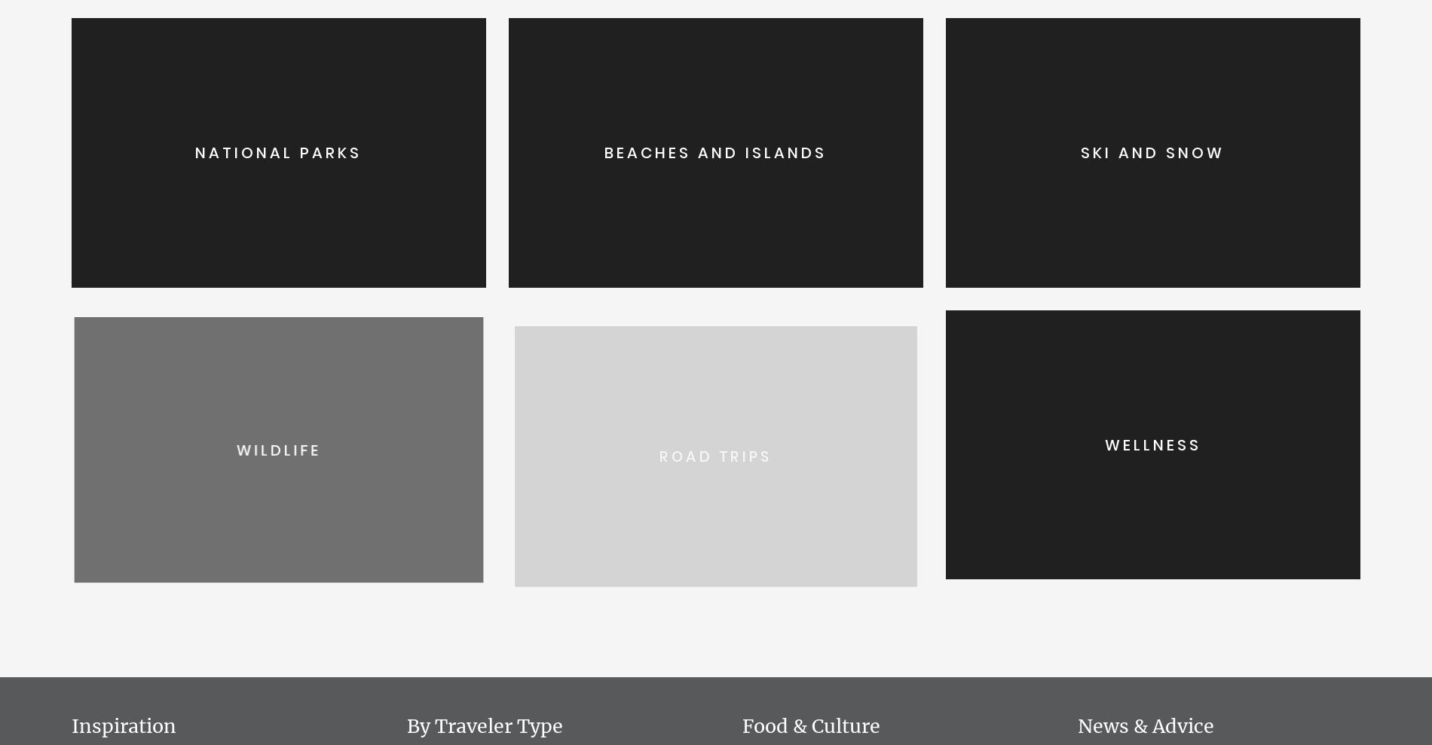  Describe the element at coordinates (485, 725) in the screenshot. I see `'By Traveler Type'` at that location.